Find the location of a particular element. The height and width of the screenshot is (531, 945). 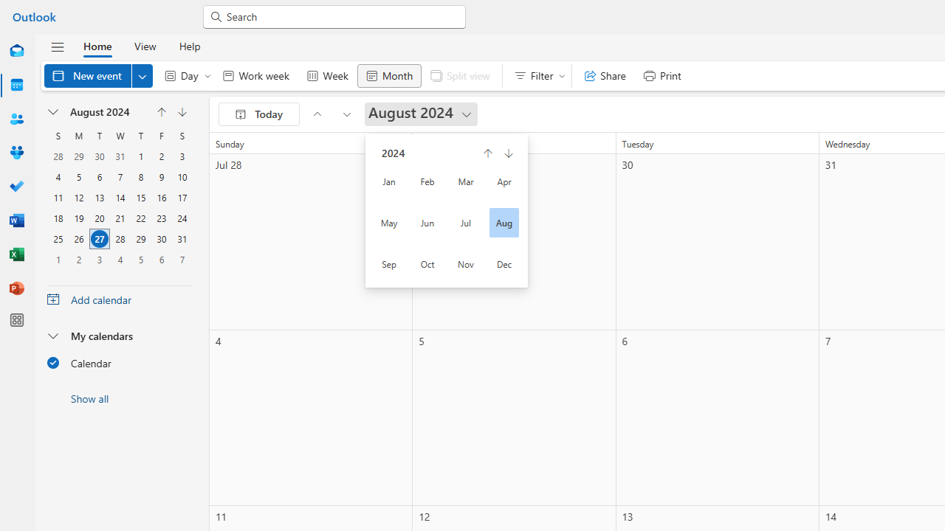

'6, August, 2024' is located at coordinates (99, 176).